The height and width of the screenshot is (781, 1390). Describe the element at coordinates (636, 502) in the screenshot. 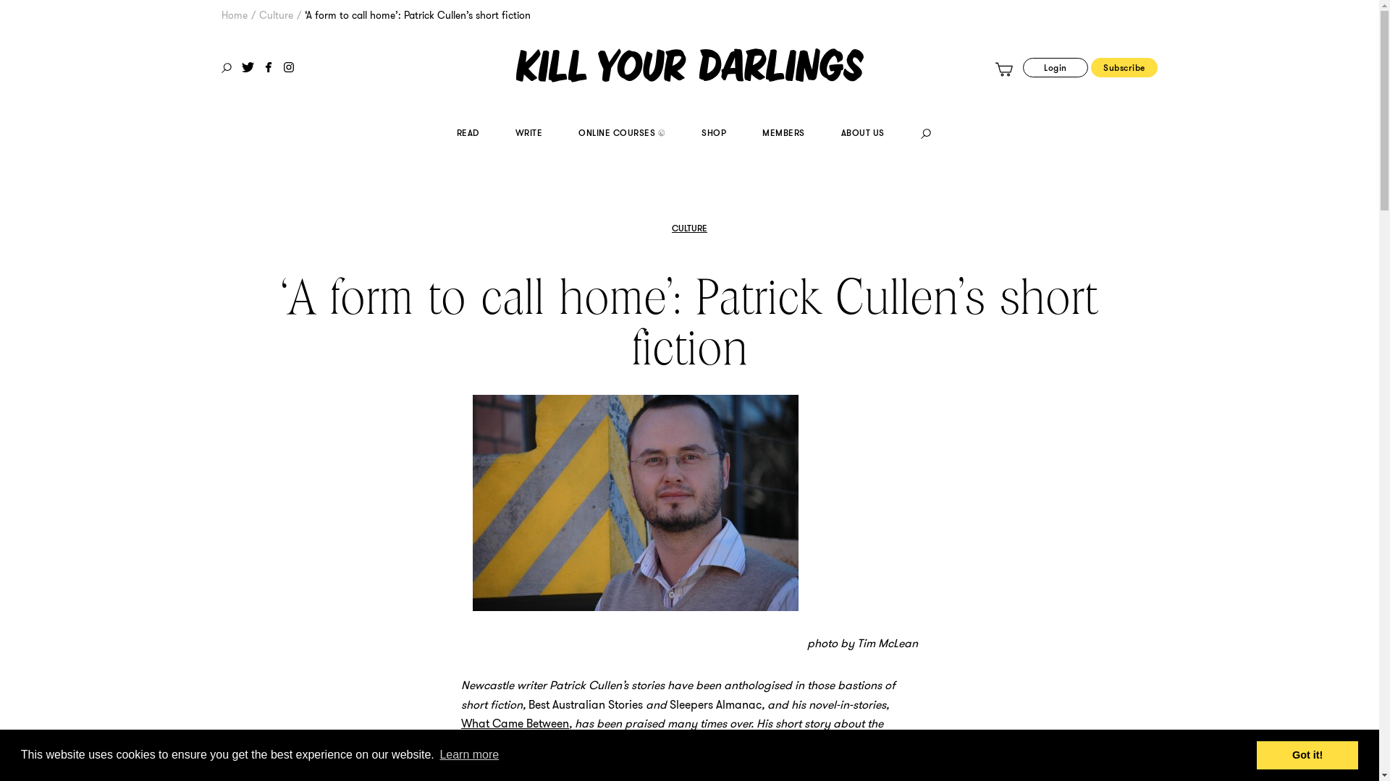

I see `'Patrick Cullen (photo by Tim McLean)'` at that location.